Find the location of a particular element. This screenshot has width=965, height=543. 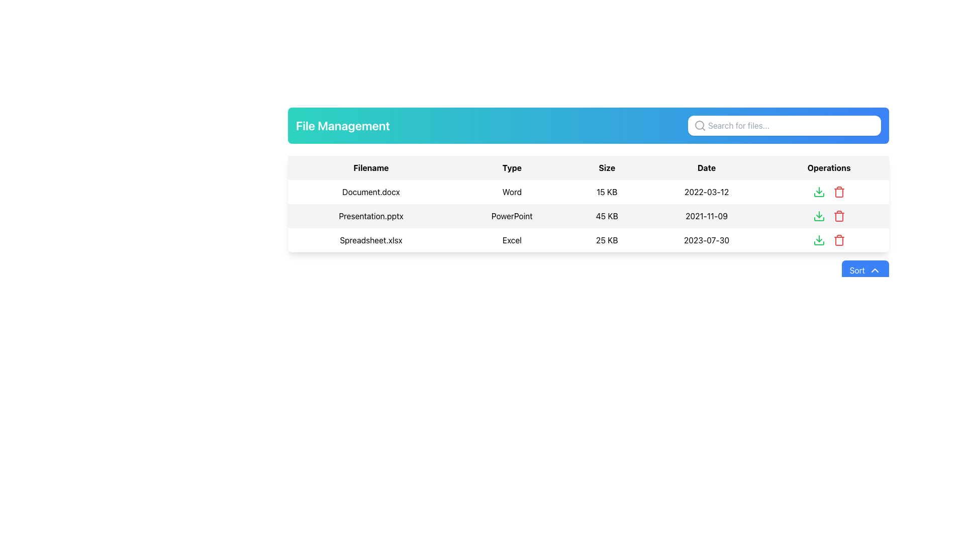

the red trash can icon is located at coordinates (839, 192).